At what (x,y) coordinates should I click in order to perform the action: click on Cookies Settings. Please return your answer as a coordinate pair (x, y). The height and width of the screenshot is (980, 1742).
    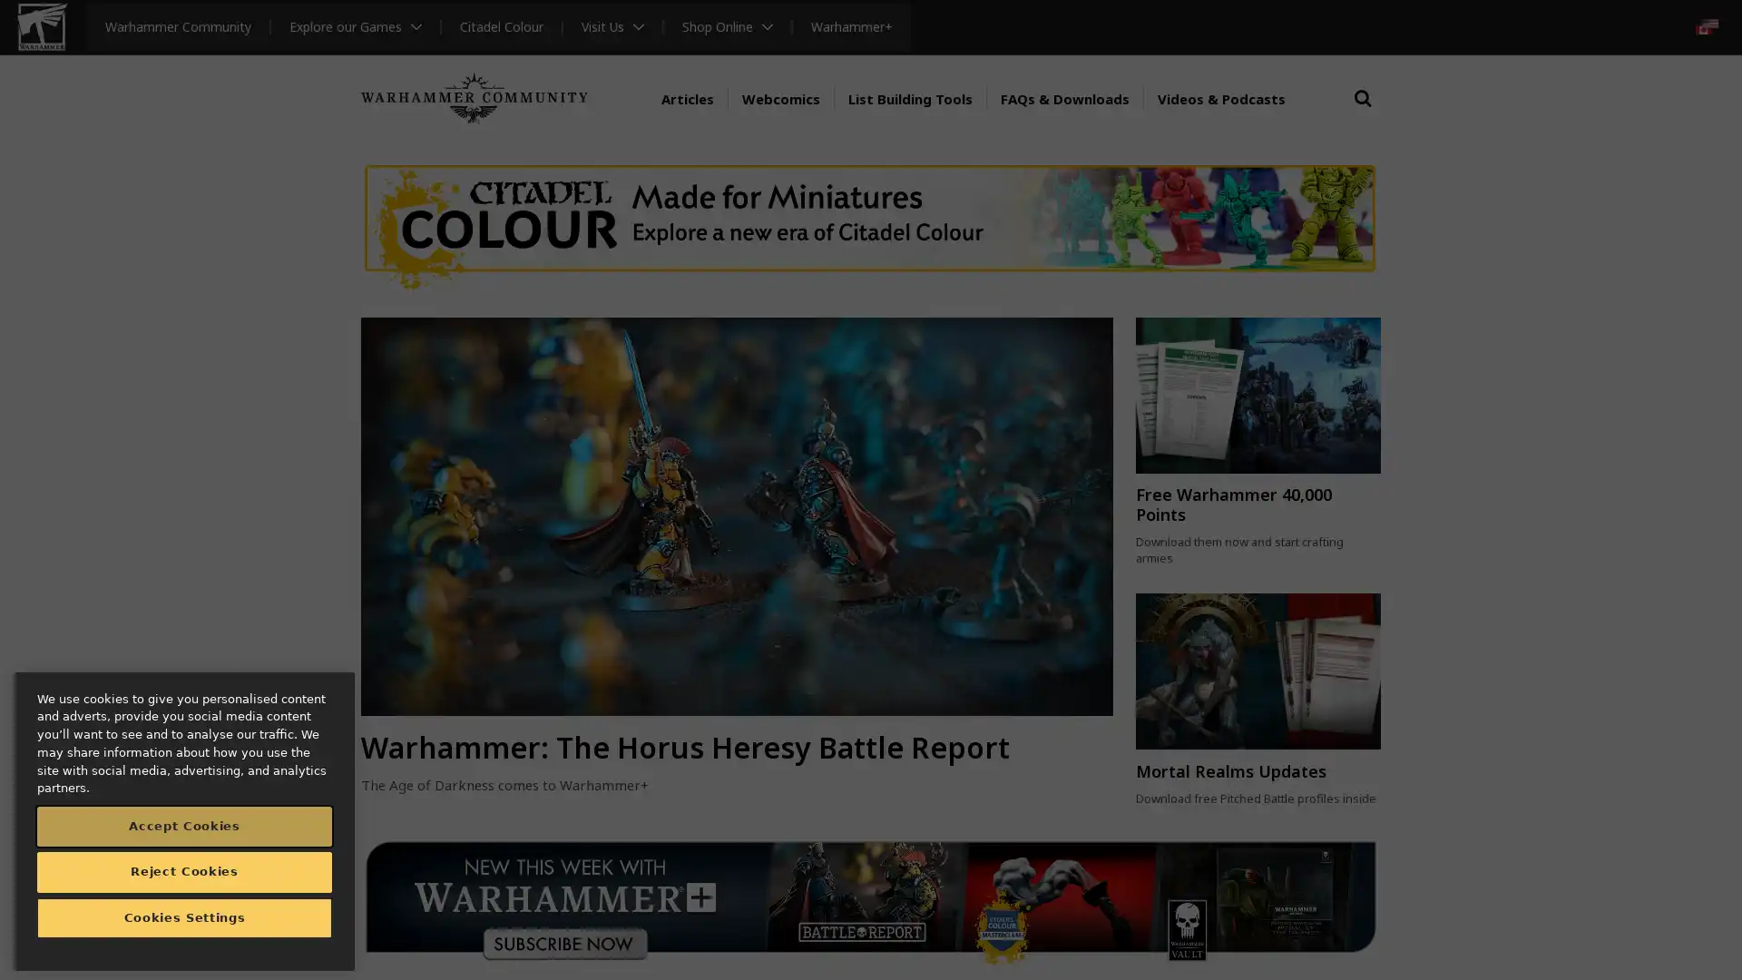
    Looking at the image, I should click on (184, 917).